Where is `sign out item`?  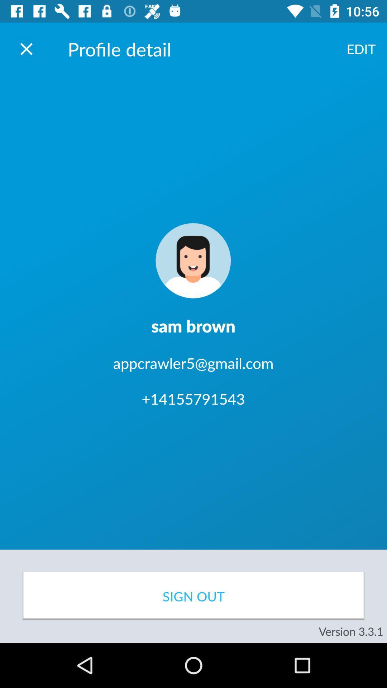
sign out item is located at coordinates (193, 596).